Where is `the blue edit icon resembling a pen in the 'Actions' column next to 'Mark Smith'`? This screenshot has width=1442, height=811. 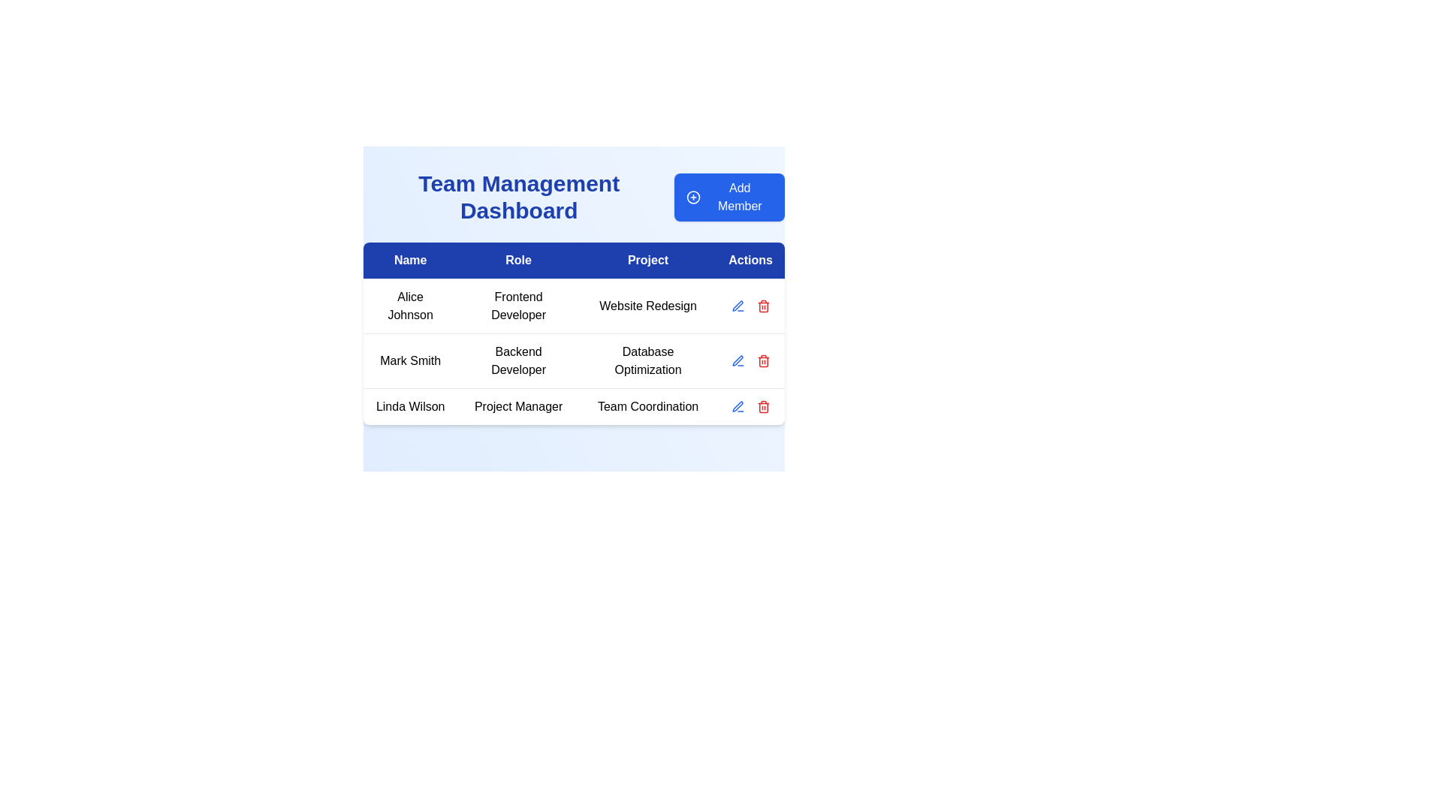
the blue edit icon resembling a pen in the 'Actions' column next to 'Mark Smith' is located at coordinates (738, 406).